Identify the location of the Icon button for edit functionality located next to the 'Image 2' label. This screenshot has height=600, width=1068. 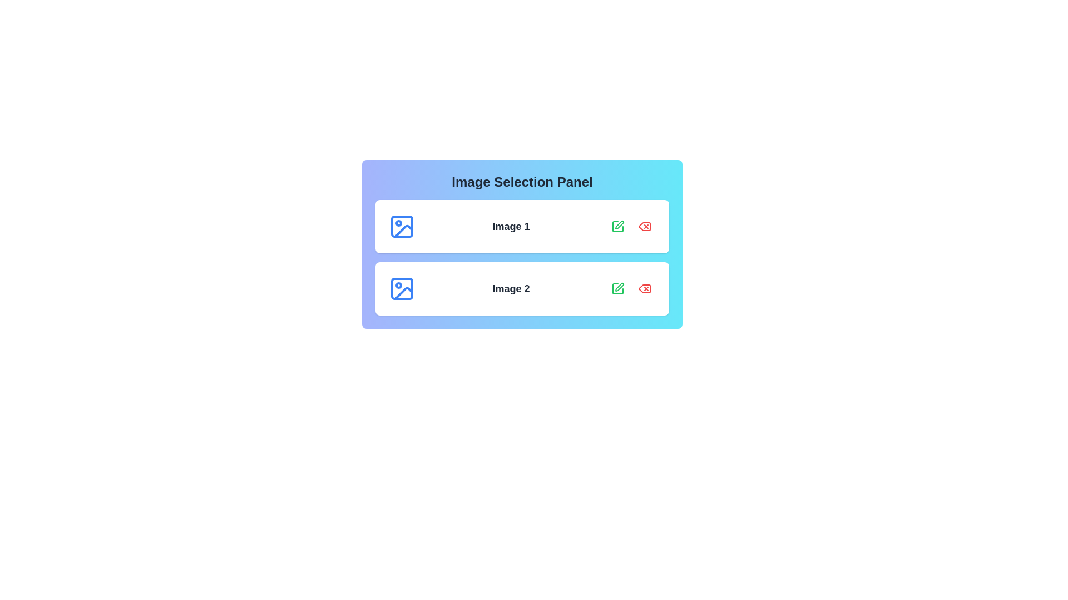
(617, 288).